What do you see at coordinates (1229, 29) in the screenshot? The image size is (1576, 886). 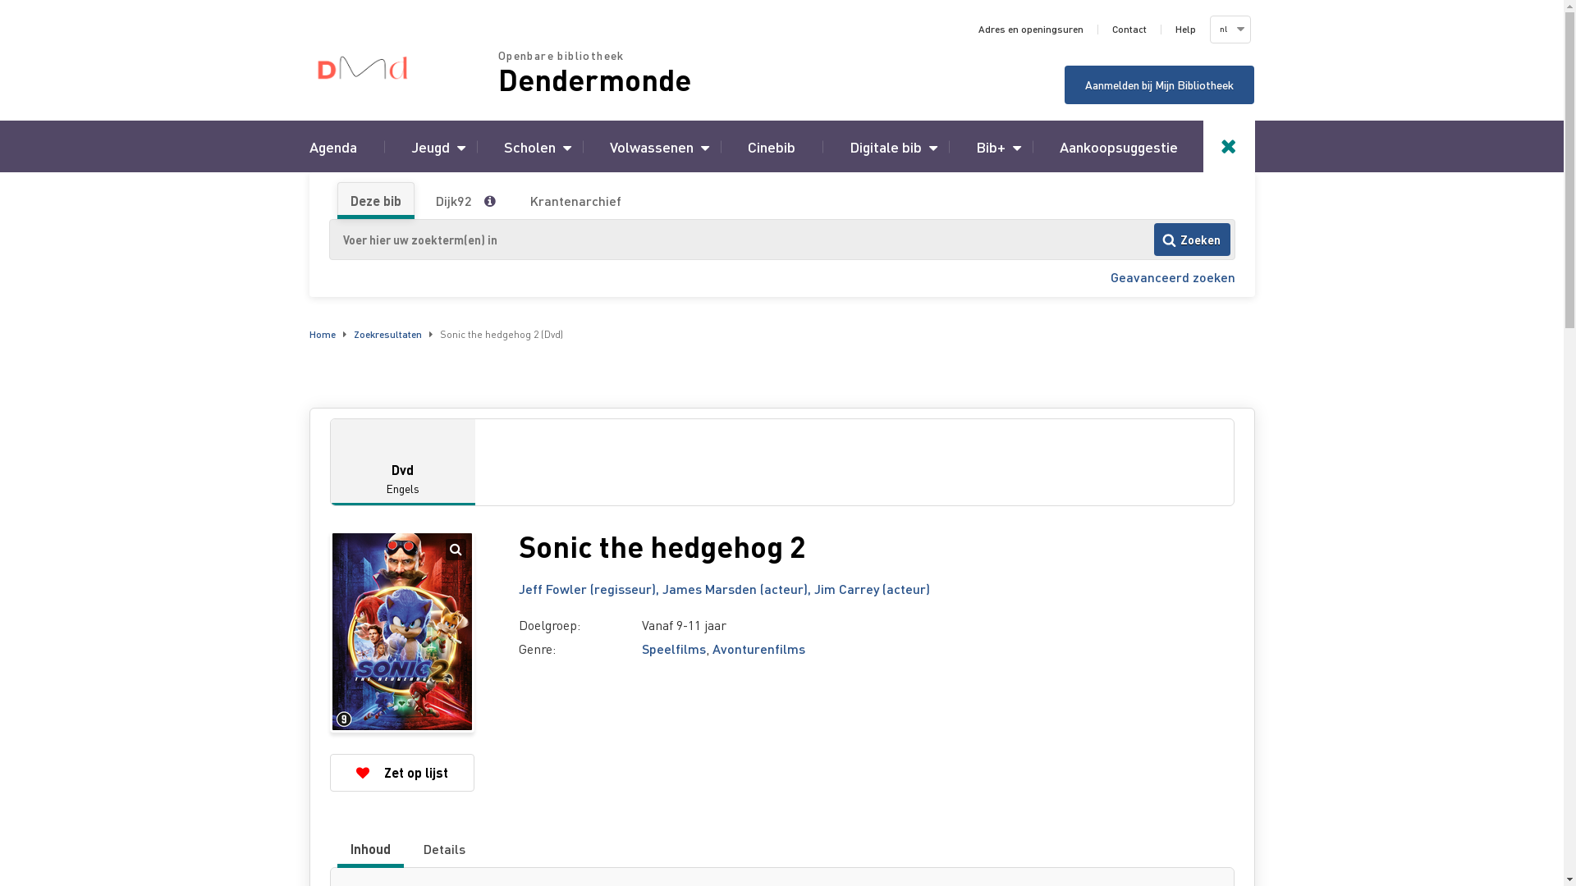 I see `'nl'` at bounding box center [1229, 29].